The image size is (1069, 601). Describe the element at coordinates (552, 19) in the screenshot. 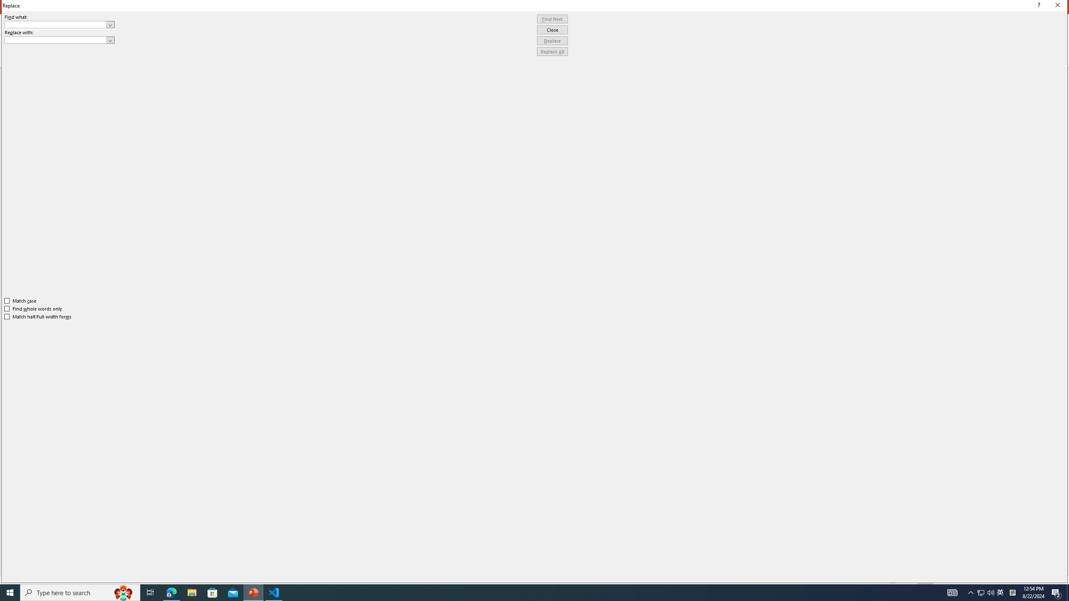

I see `'Find Next'` at that location.